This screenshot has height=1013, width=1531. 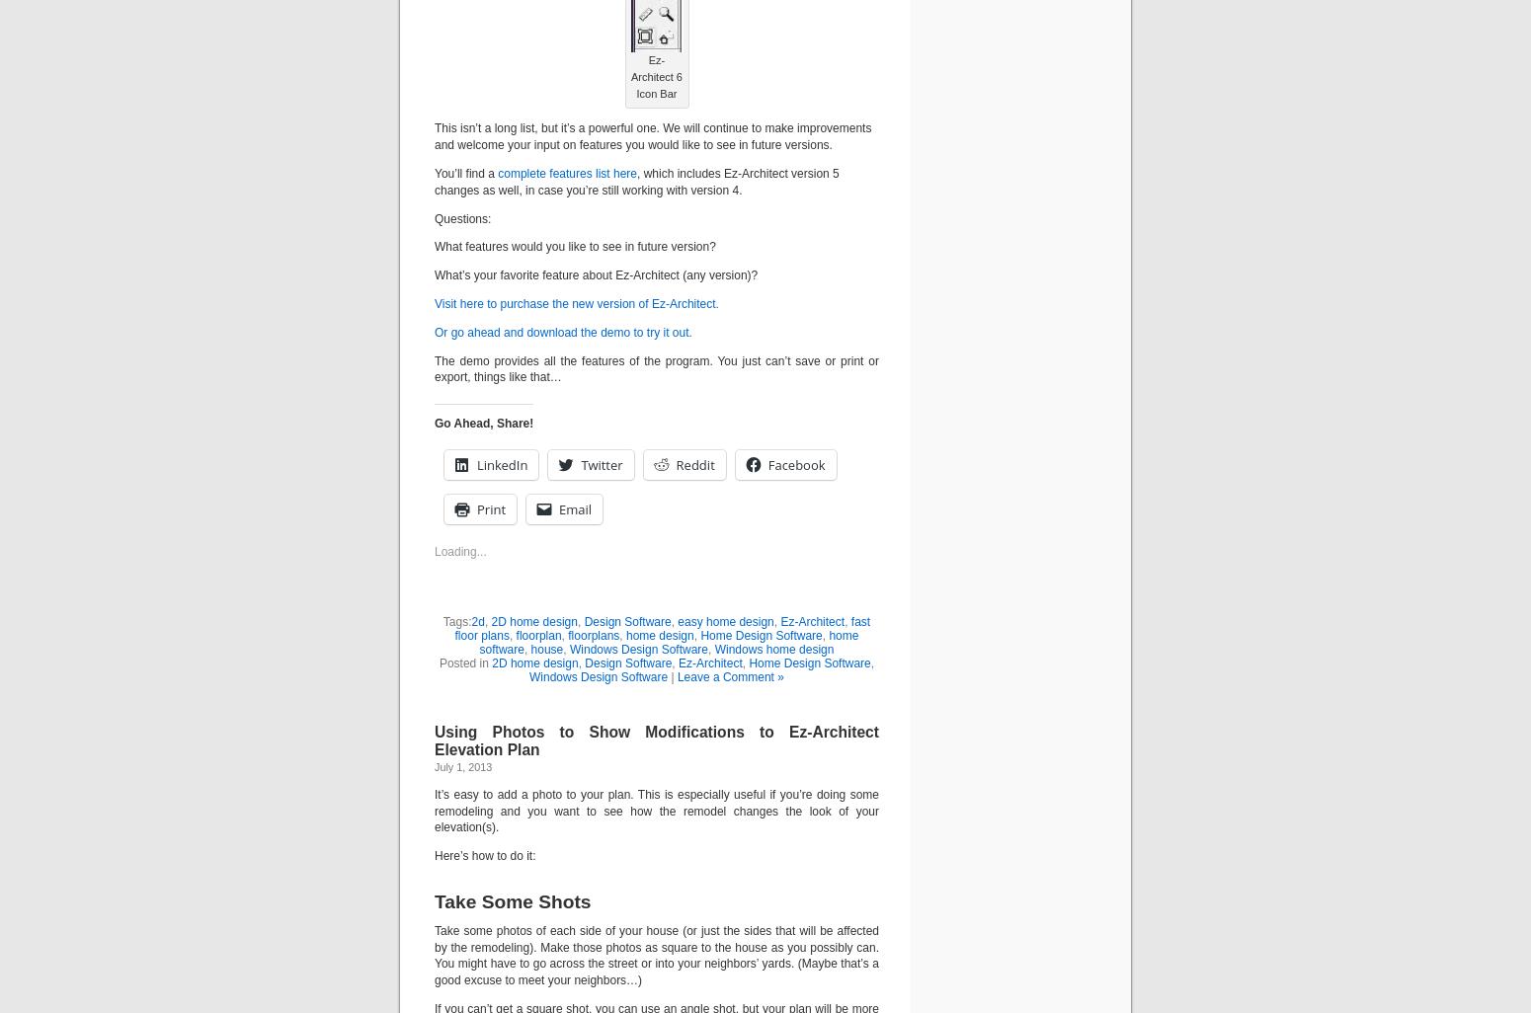 I want to click on 'LinkedIn', so click(x=501, y=463).